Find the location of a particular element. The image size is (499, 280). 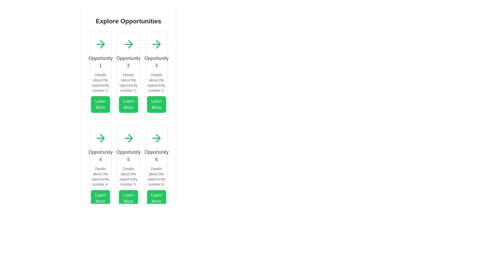

the button that invites the user to learn more about 'Opportunity 6' to trigger a visual hover effect is located at coordinates (156, 198).